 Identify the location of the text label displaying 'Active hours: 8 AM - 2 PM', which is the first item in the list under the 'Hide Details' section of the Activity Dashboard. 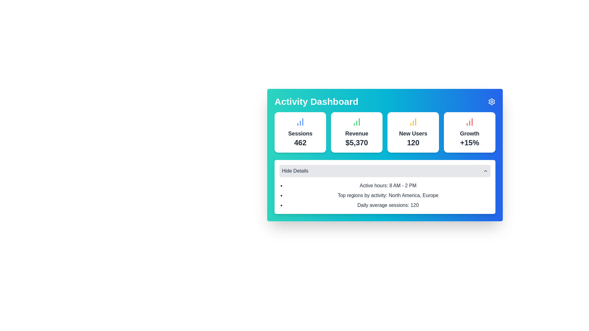
(388, 185).